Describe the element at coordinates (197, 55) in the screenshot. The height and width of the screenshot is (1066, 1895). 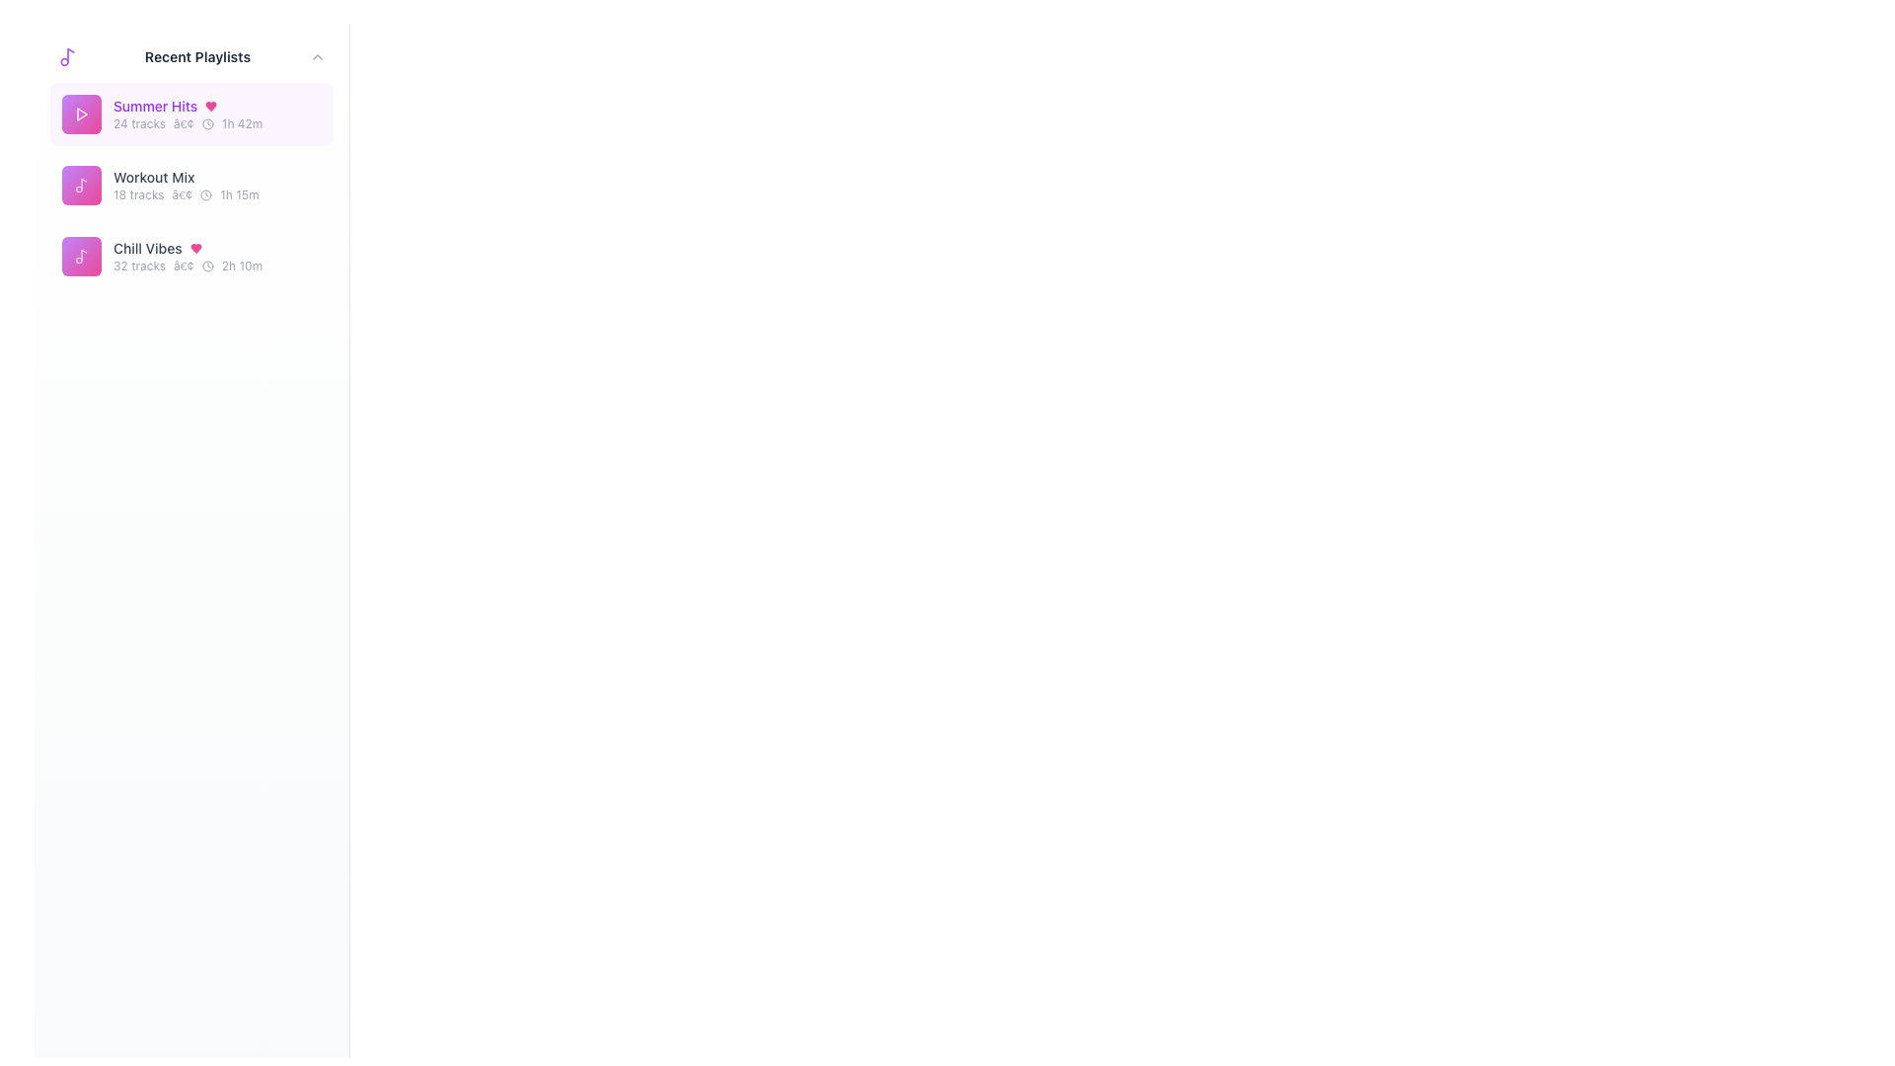
I see `the 'Recent Playlists' text label located at the top-left area of the interface, positioned centrally between a music icon and a dropdown arrow` at that location.